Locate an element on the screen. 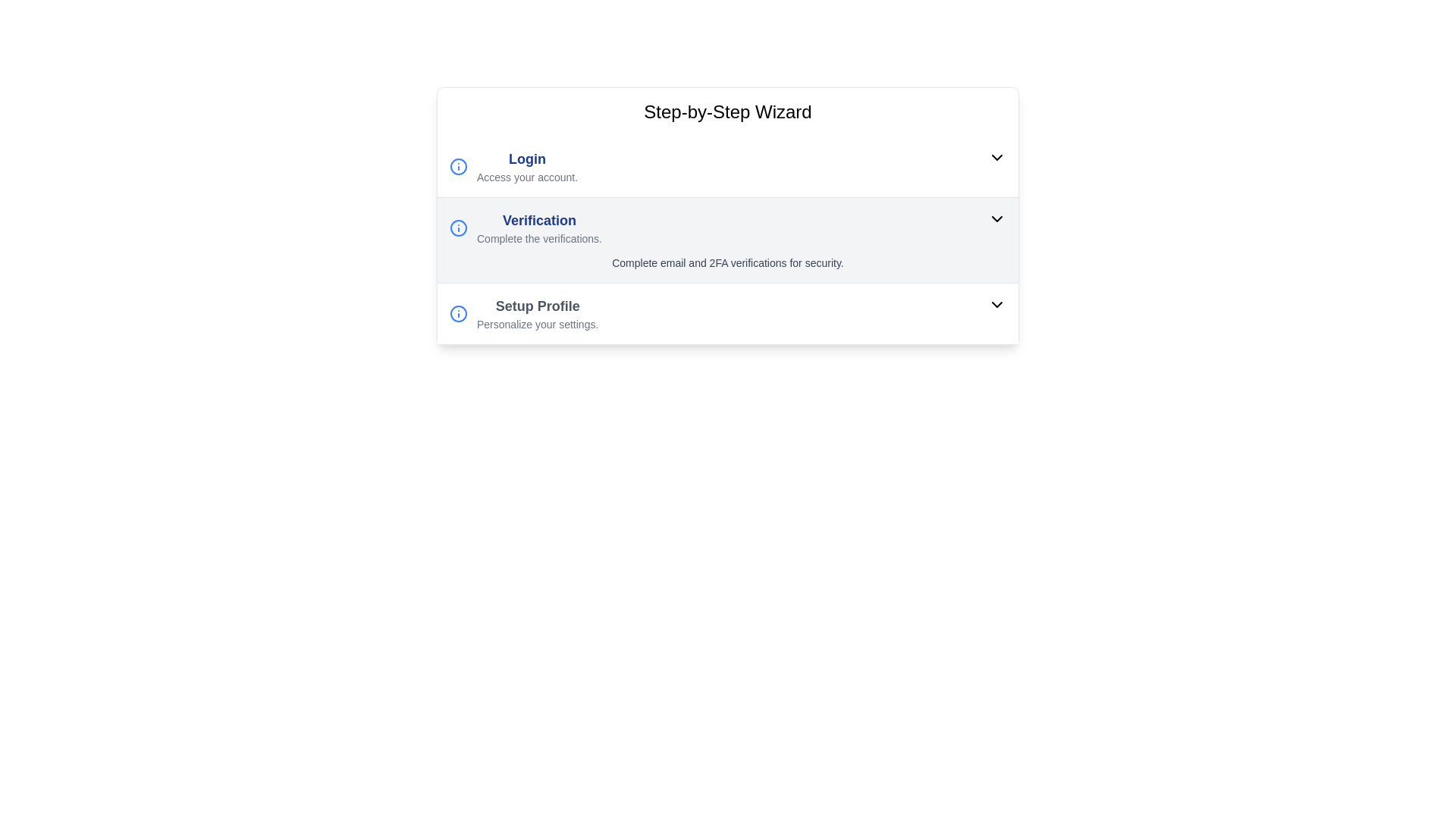 The image size is (1456, 819). the informational segment in the step-by-step wizard interface is located at coordinates (728, 312).